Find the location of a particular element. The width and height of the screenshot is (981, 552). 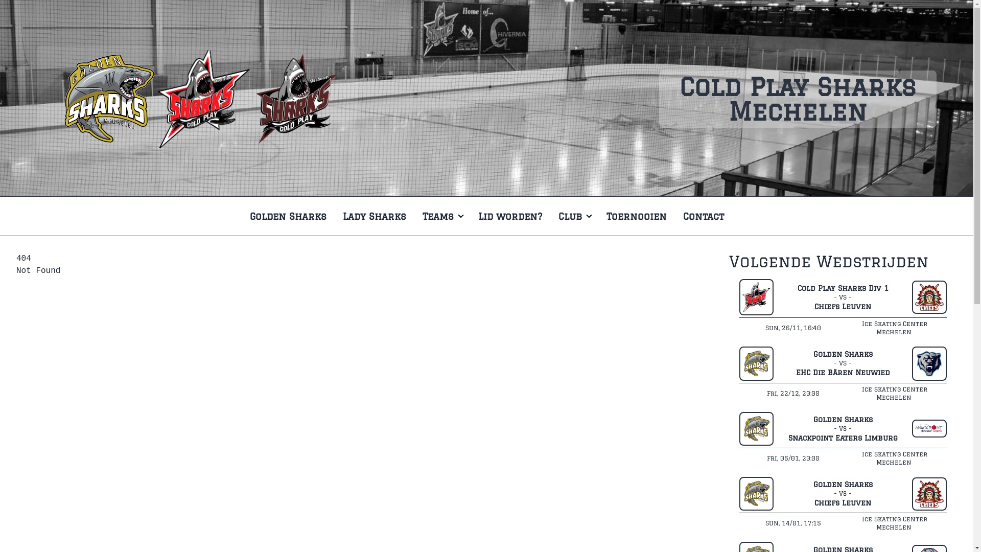

'Toernooien' is located at coordinates (635, 216).